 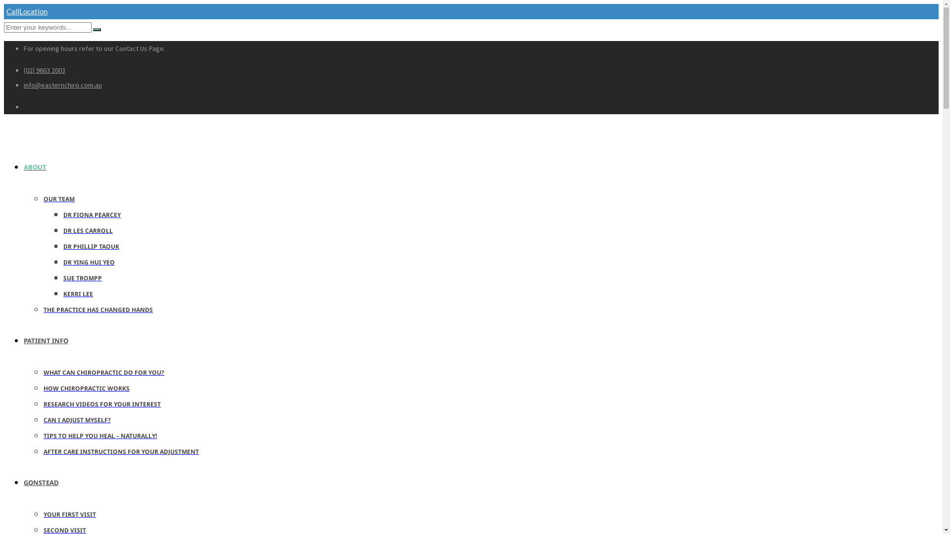 I want to click on 'ABOUT', so click(x=44, y=166).